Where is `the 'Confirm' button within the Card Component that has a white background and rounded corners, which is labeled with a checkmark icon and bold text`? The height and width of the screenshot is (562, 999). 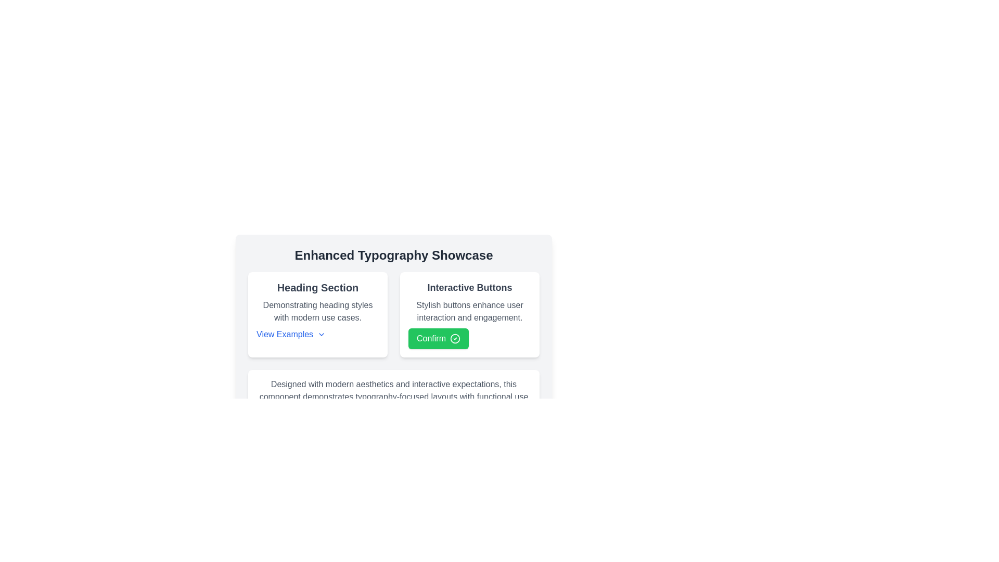
the 'Confirm' button within the Card Component that has a white background and rounded corners, which is labeled with a checkmark icon and bold text is located at coordinates (469, 314).